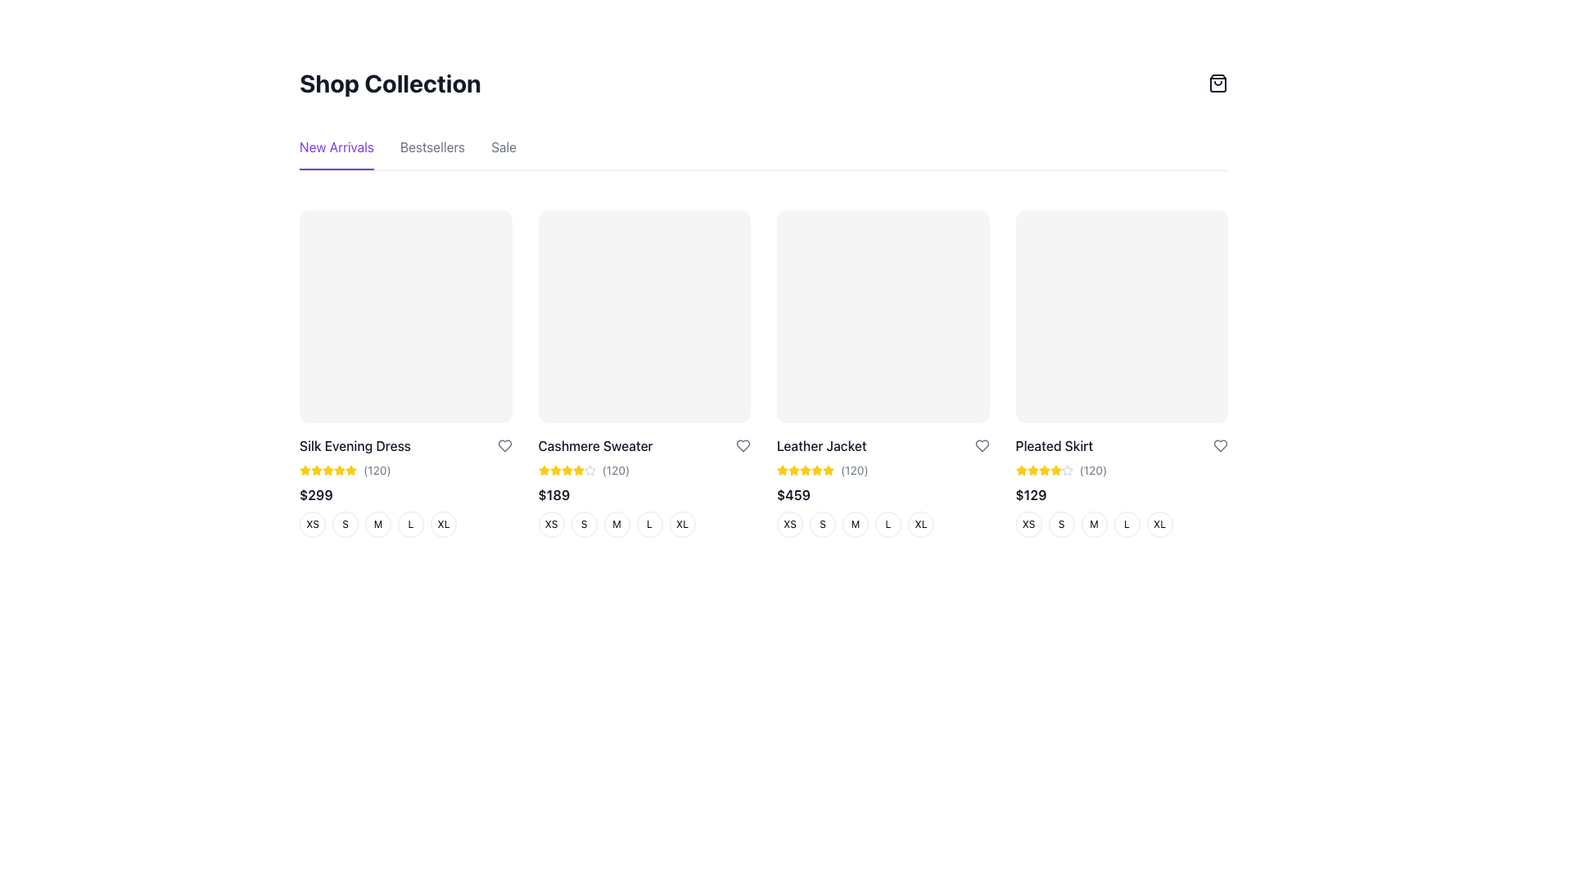  What do you see at coordinates (644, 494) in the screenshot?
I see `price displayed for the 'Cashmere Sweater' product, which is positioned below the product name and above the size selection options` at bounding box center [644, 494].